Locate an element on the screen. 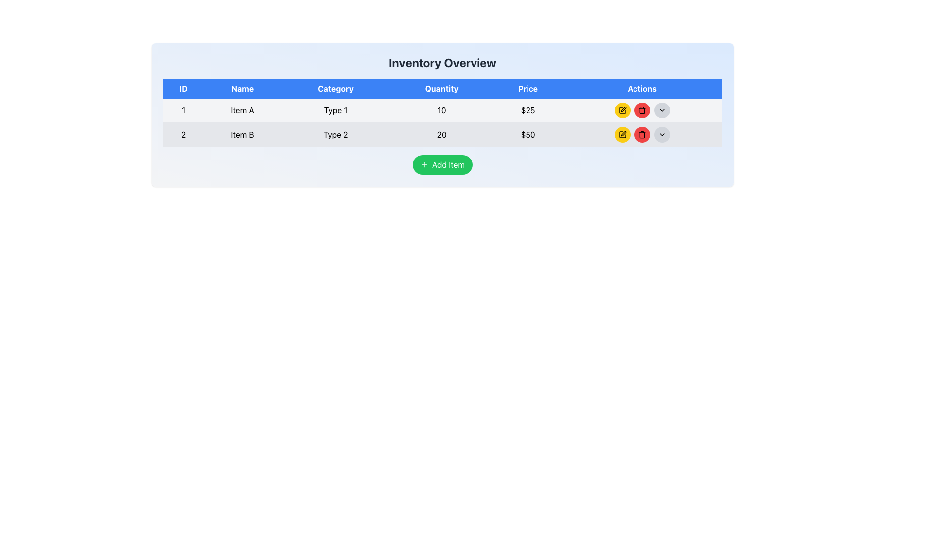 This screenshot has height=535, width=951. the column header labeled 'Name', which has white text on a blue background, located in the second column of the table layout is located at coordinates (242, 88).